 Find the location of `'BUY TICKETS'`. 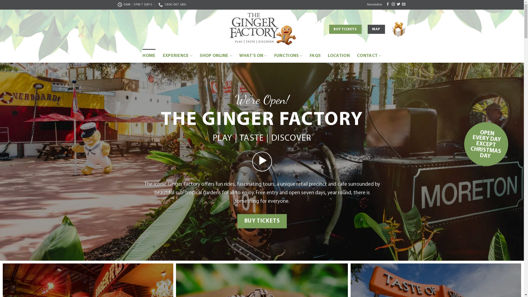

'BUY TICKETS' is located at coordinates (329, 29).